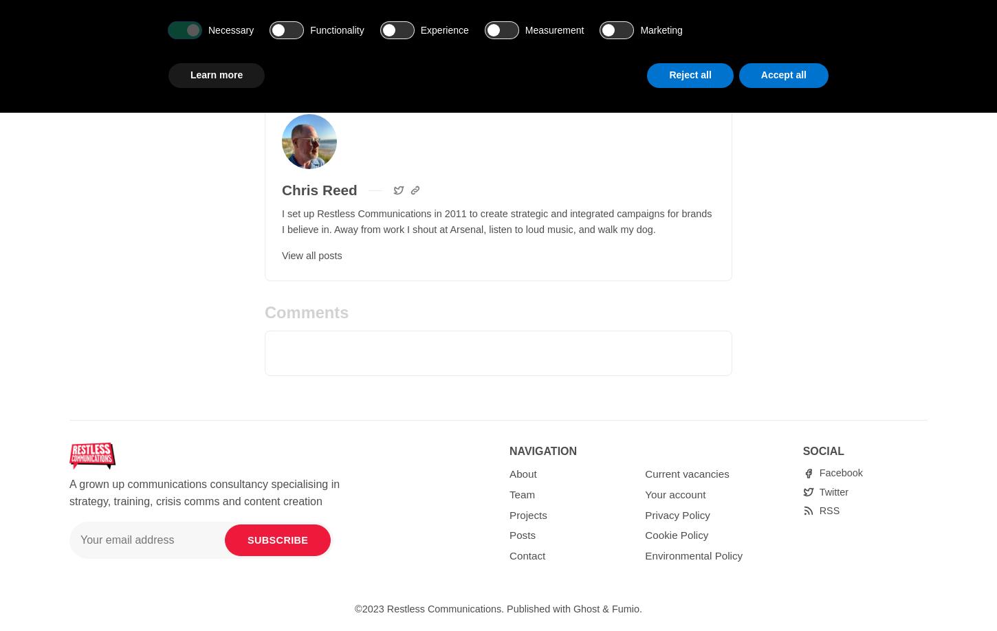  What do you see at coordinates (311, 254) in the screenshot?
I see `'View all posts'` at bounding box center [311, 254].